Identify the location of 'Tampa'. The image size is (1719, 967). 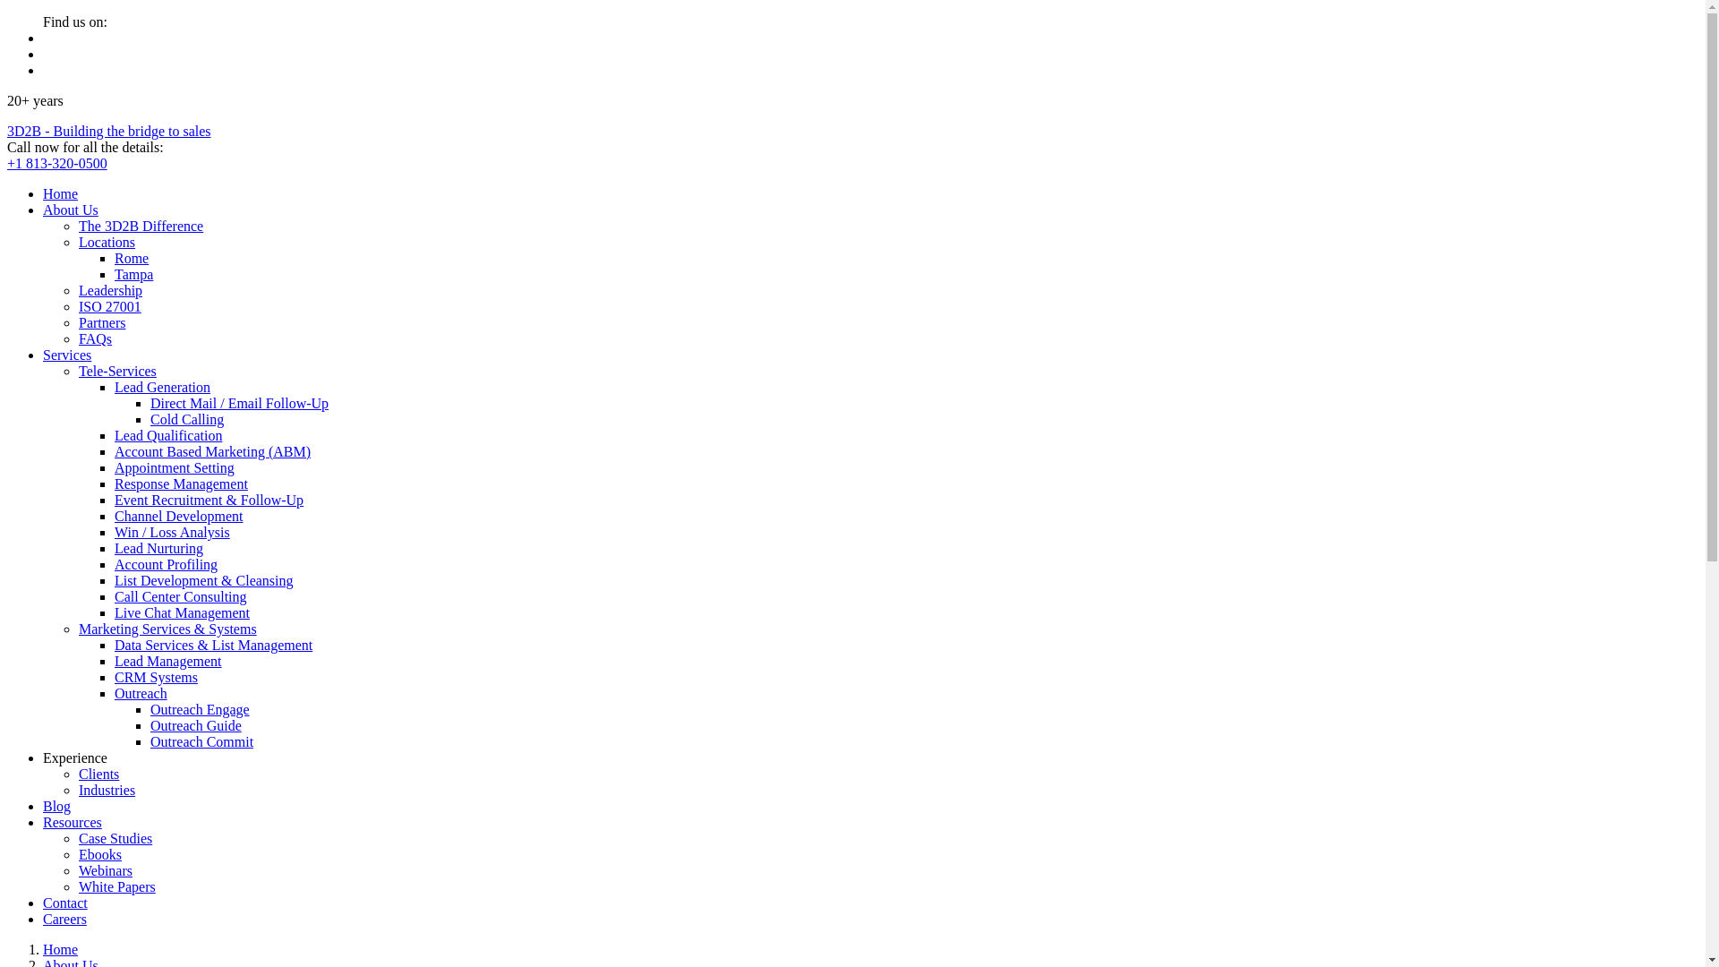
(133, 274).